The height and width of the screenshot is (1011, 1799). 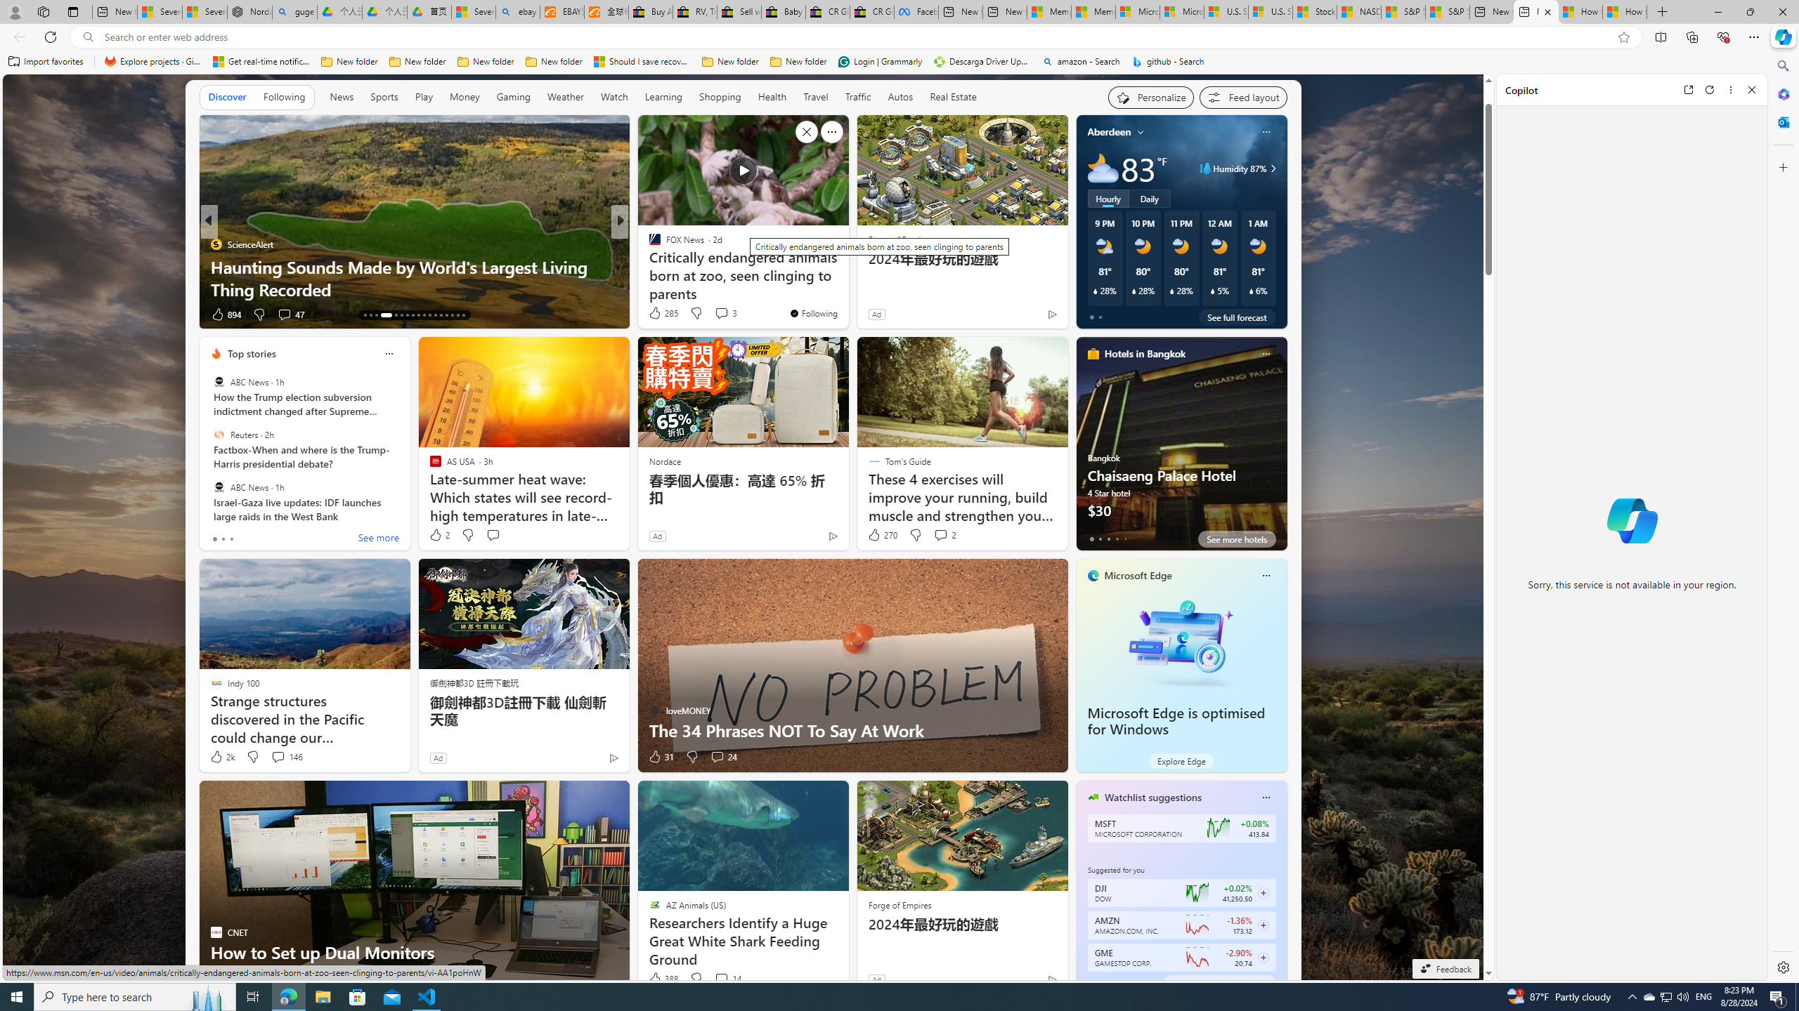 I want to click on 'The Cool Down', so click(x=647, y=243).